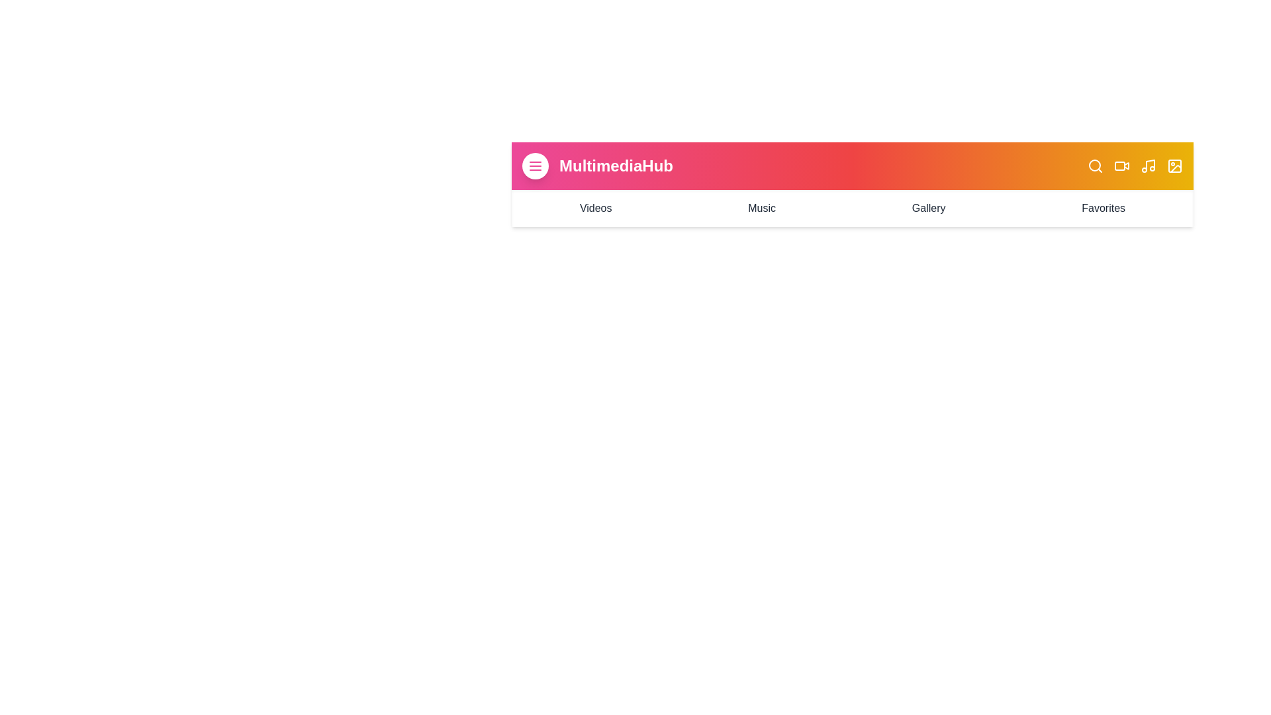 Image resolution: width=1271 pixels, height=715 pixels. Describe the element at coordinates (927, 209) in the screenshot. I see `the navigation link labeled 'Gallery' to navigate to the respective section` at that location.